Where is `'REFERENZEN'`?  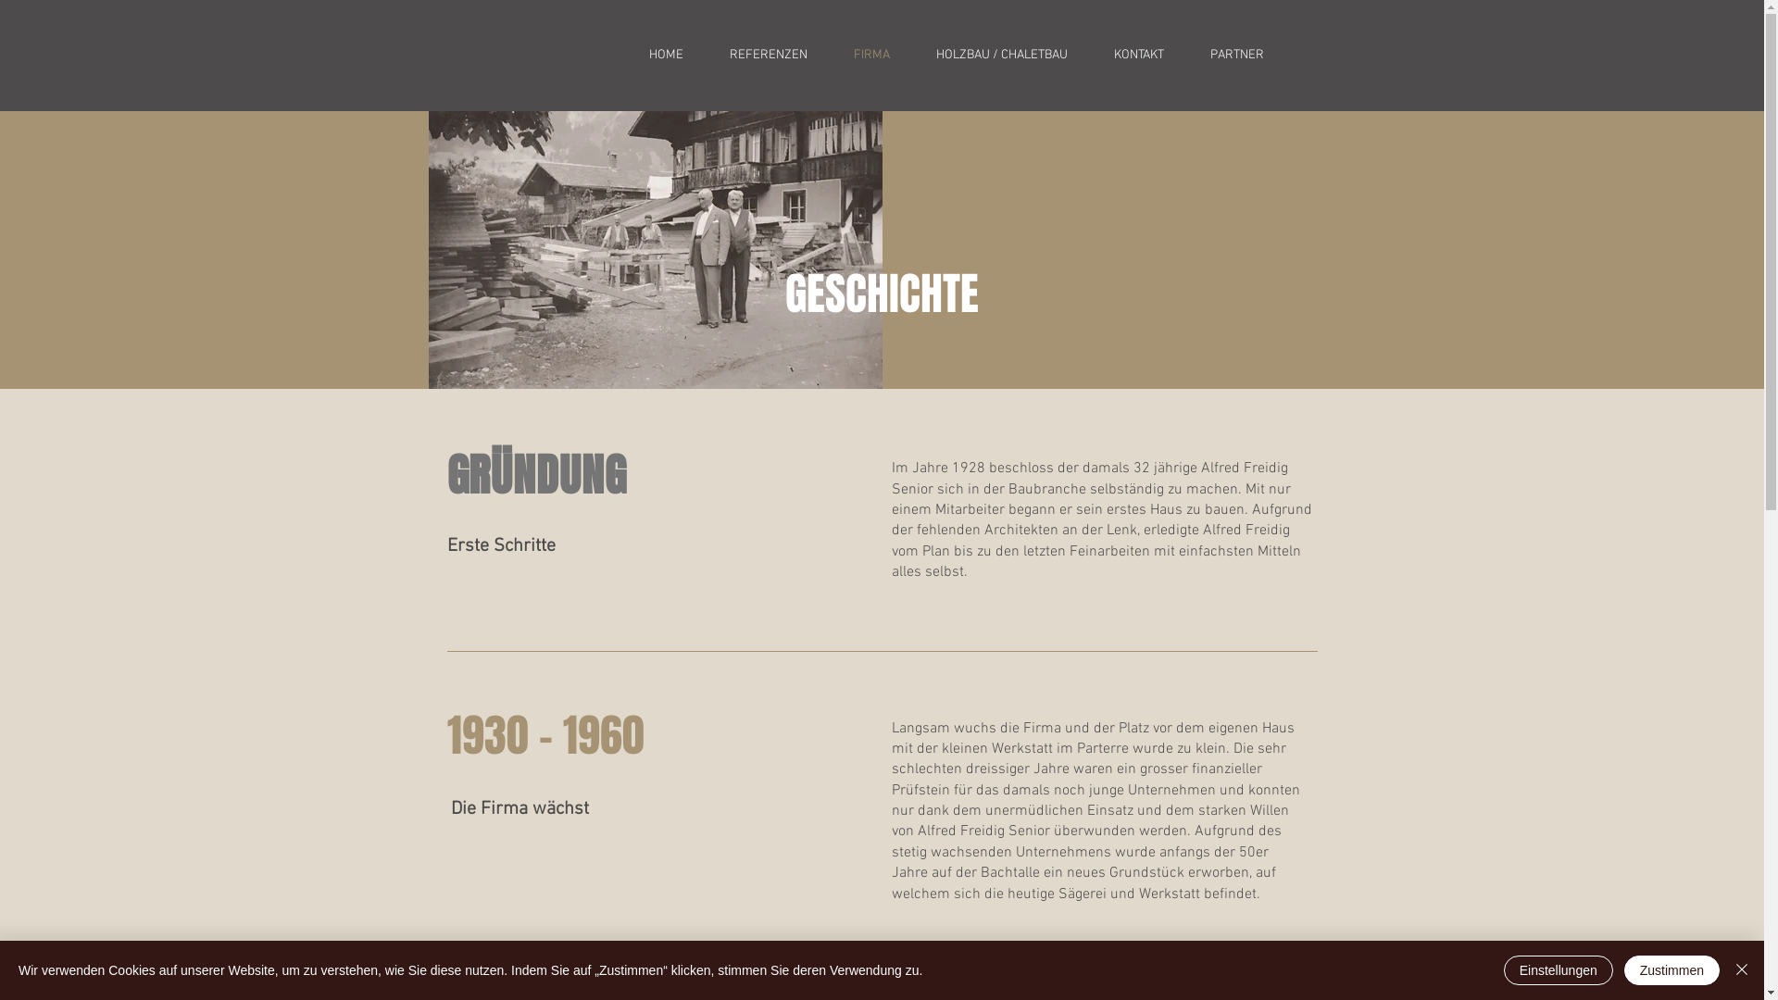 'REFERENZEN' is located at coordinates (705, 55).